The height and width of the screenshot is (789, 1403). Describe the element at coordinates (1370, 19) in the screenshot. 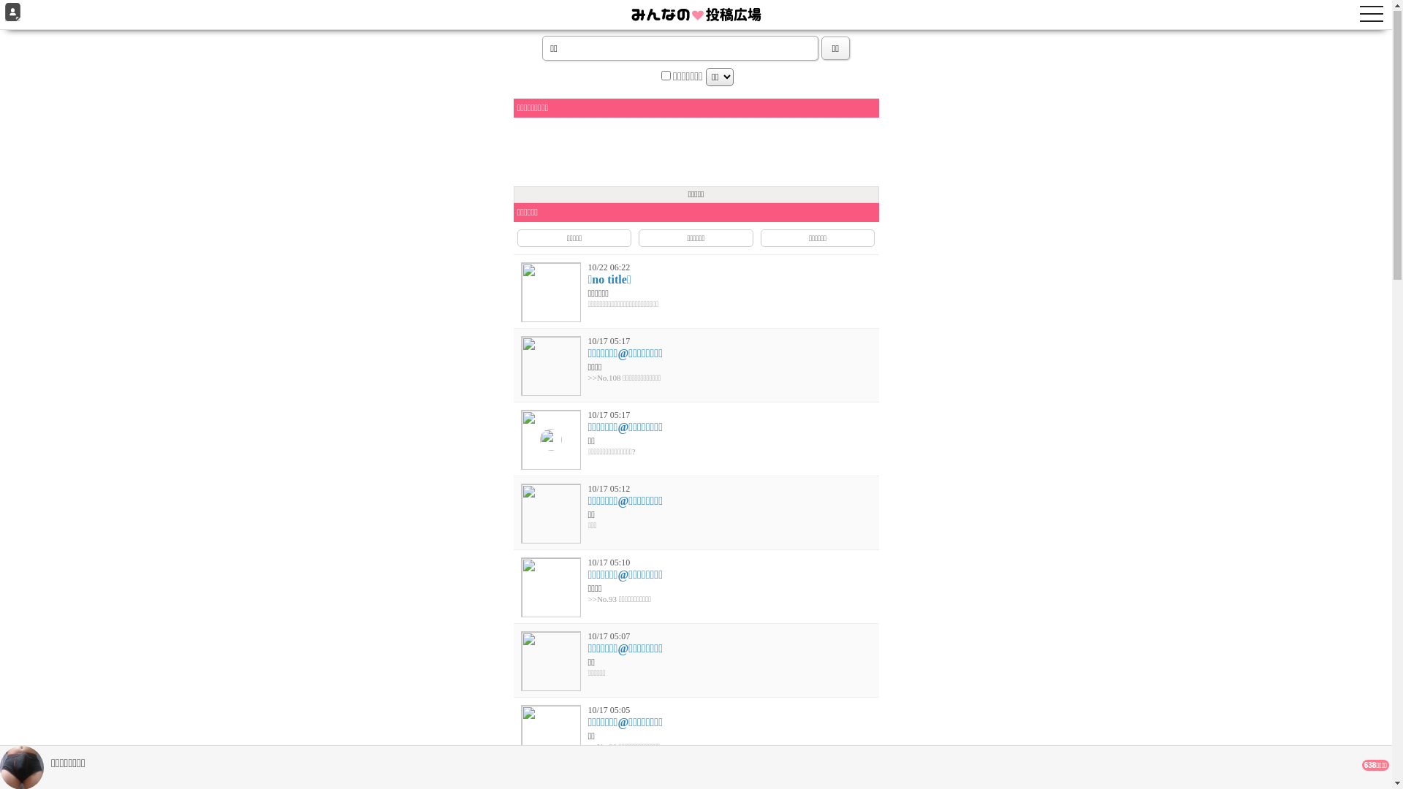

I see `'toggle navigation'` at that location.